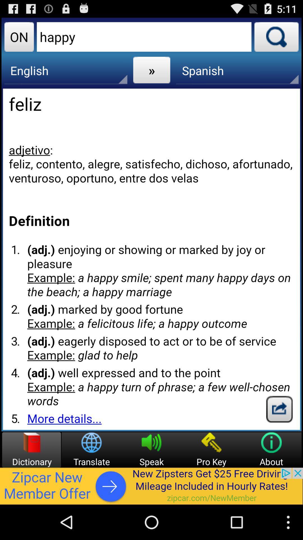  What do you see at coordinates (151, 486) in the screenshot?
I see `open advertisement` at bounding box center [151, 486].